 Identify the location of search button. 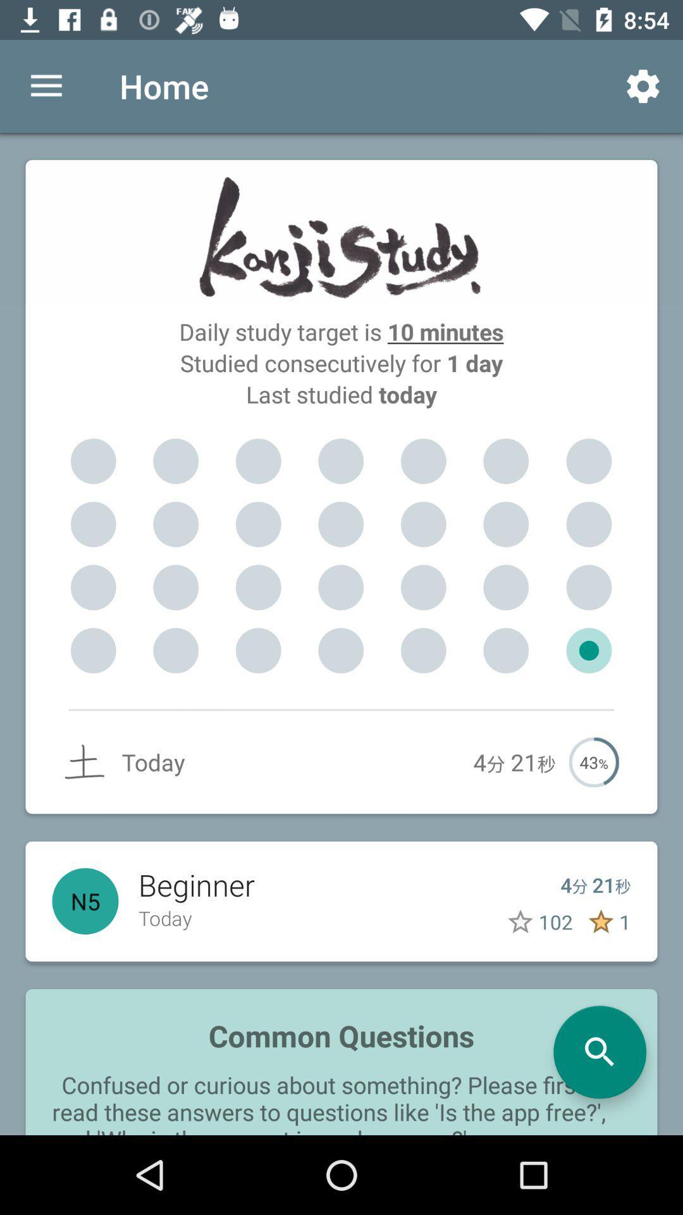
(599, 1052).